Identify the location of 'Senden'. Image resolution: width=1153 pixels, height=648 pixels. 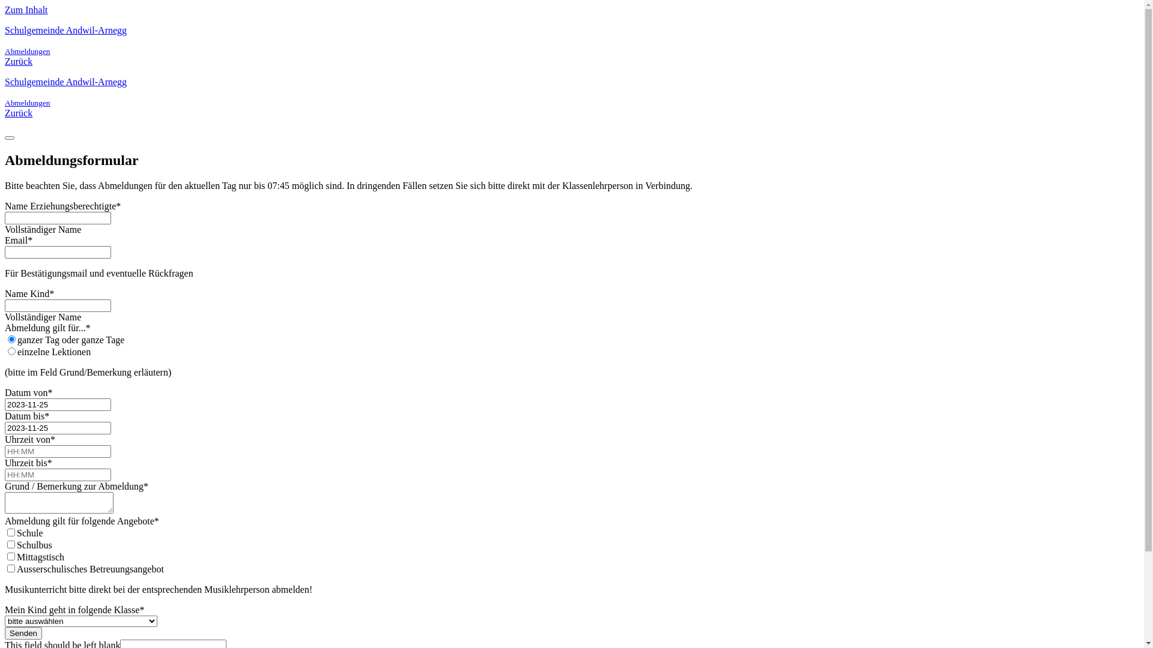
(23, 632).